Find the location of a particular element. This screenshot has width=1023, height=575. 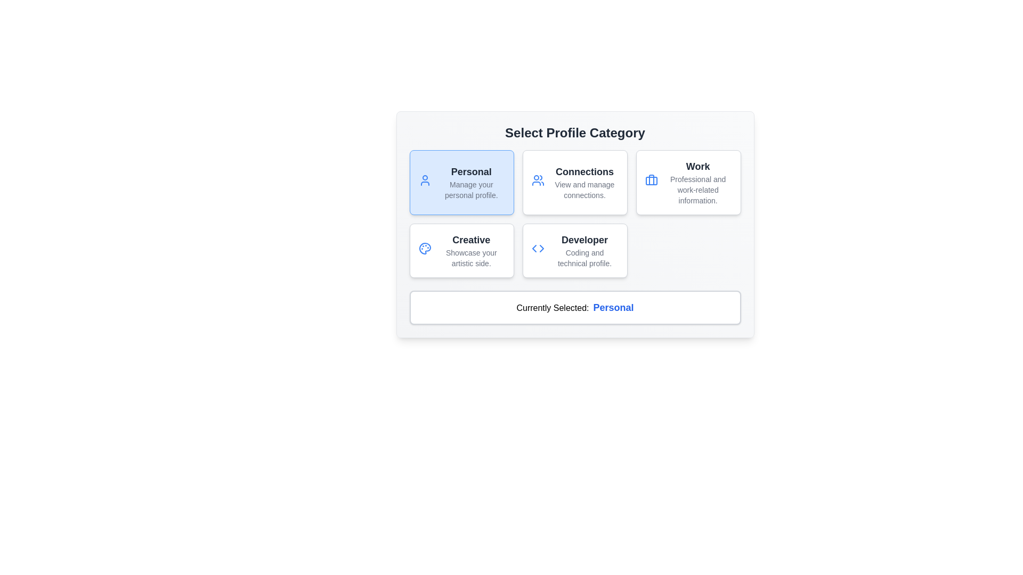

the navigation icon located in the 'Developer' profile option, positioned on the right side of the row containing options like 'Personal', 'Connections', and 'Work' is located at coordinates (542, 248).